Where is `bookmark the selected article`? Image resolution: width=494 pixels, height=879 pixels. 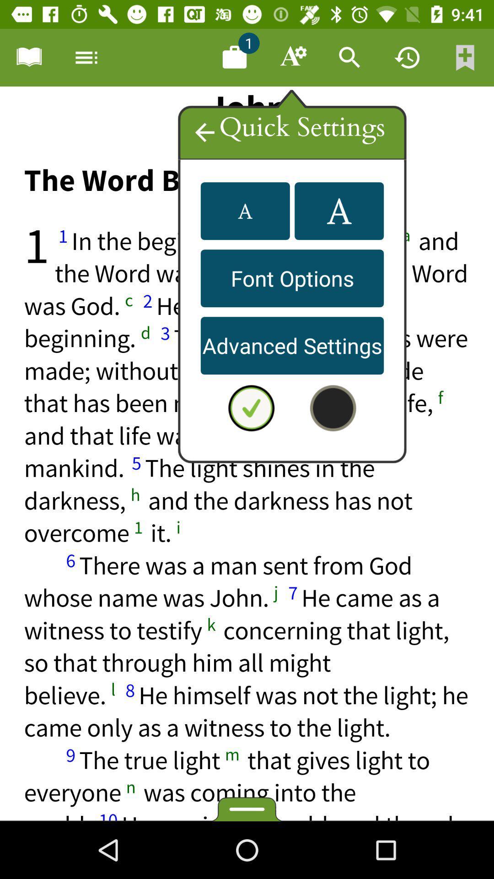 bookmark the selected article is located at coordinates (465, 57).